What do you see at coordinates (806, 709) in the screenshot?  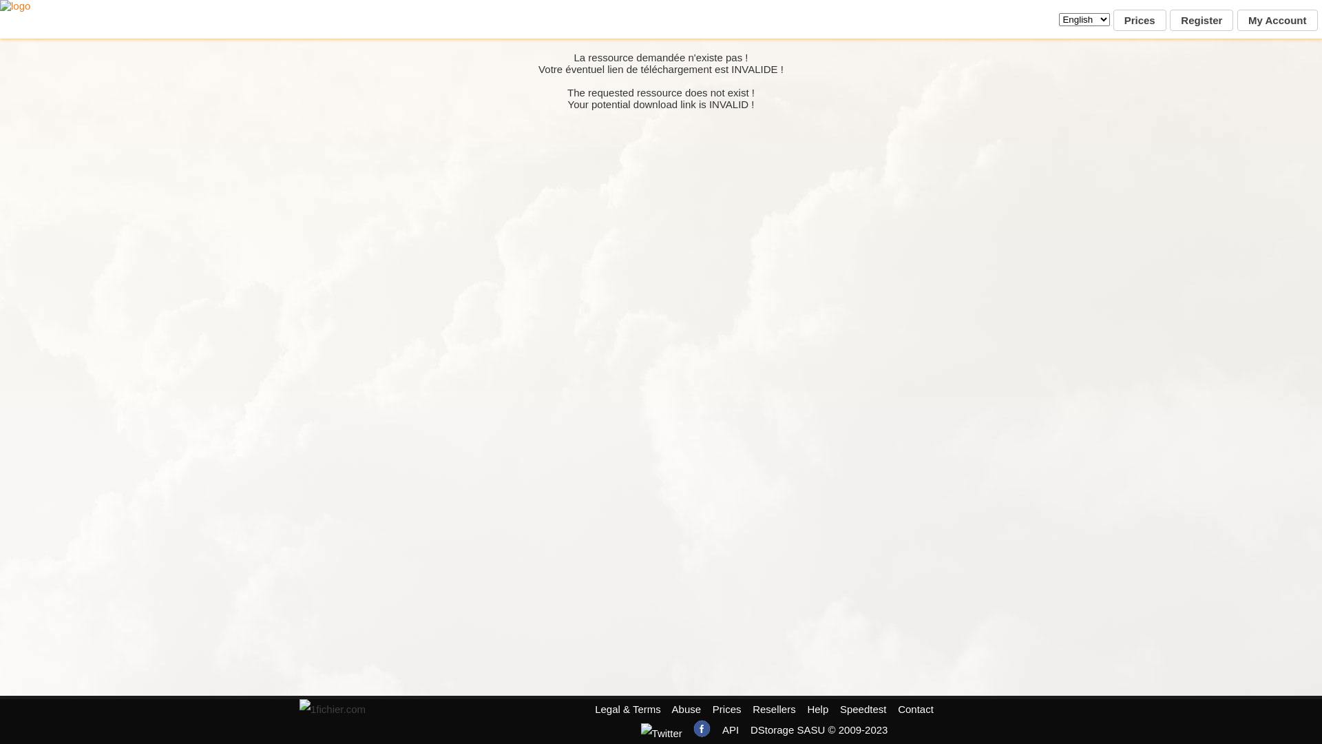 I see `'Help'` at bounding box center [806, 709].